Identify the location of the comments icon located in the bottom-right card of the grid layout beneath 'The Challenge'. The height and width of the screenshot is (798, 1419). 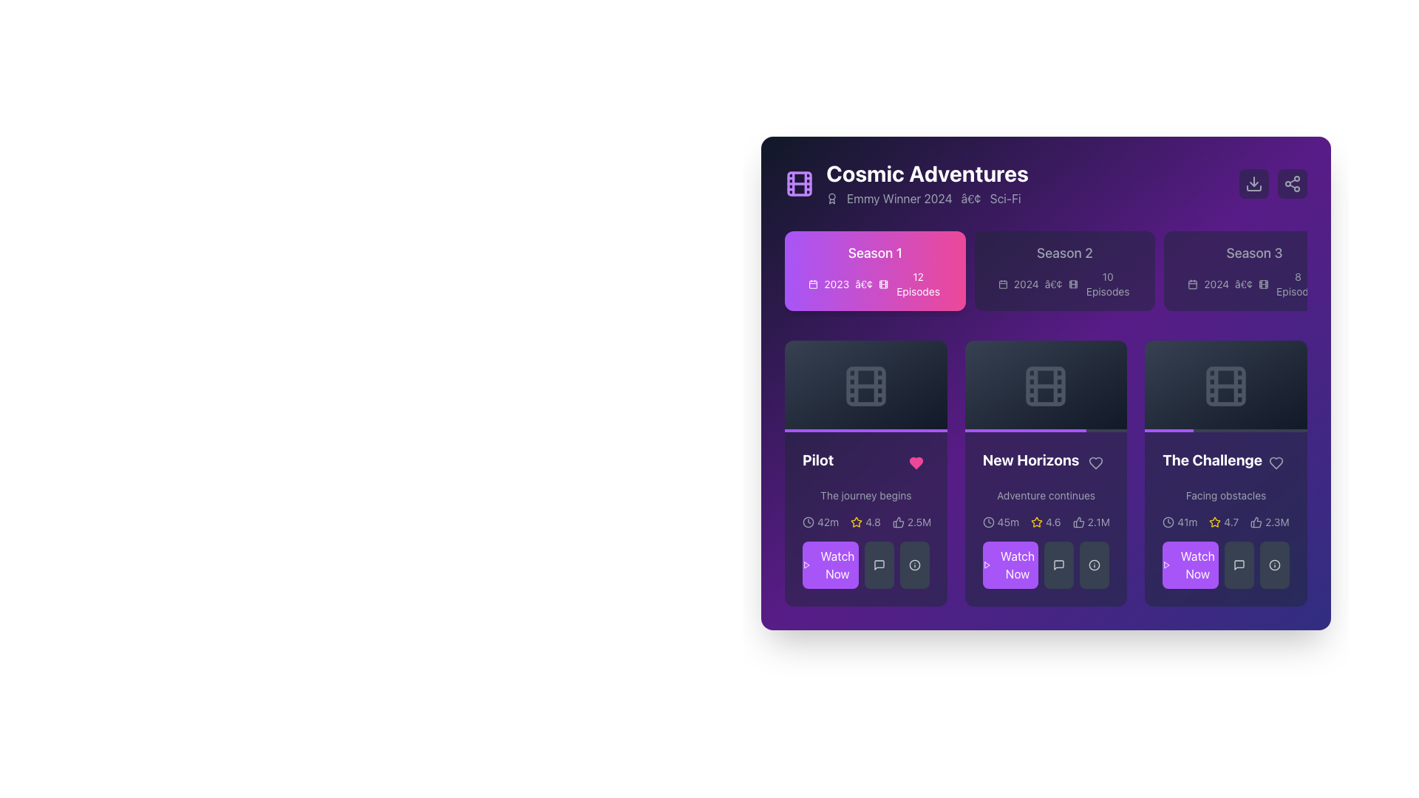
(1239, 564).